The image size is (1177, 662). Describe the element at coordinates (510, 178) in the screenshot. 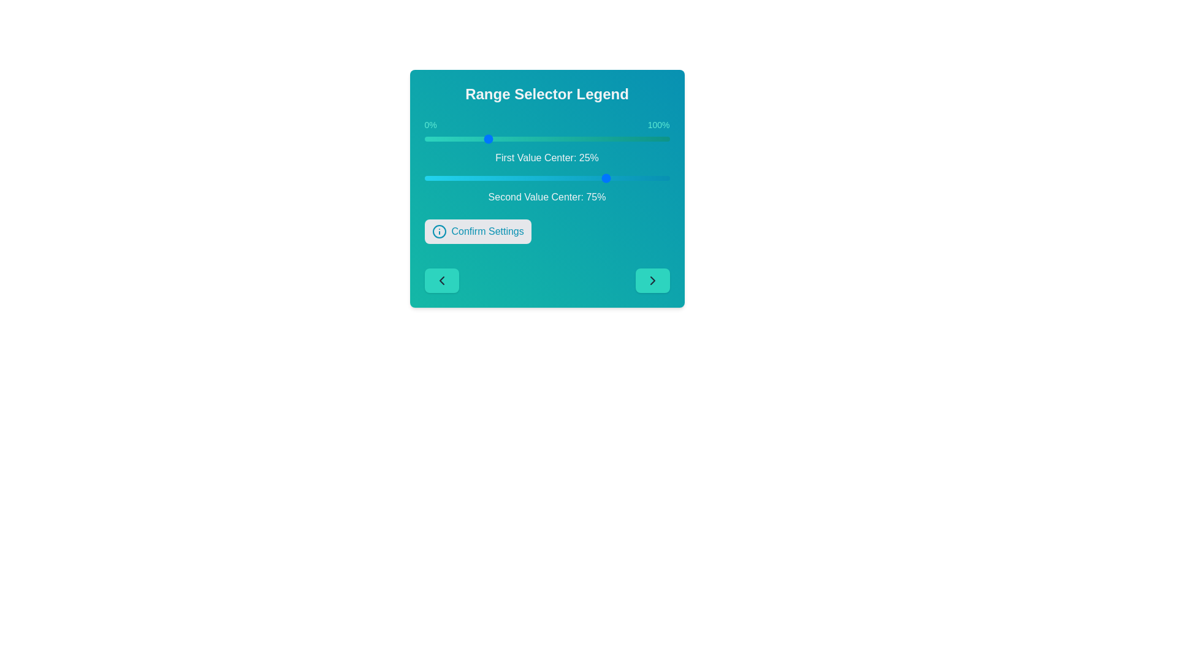

I see `the slider value` at that location.